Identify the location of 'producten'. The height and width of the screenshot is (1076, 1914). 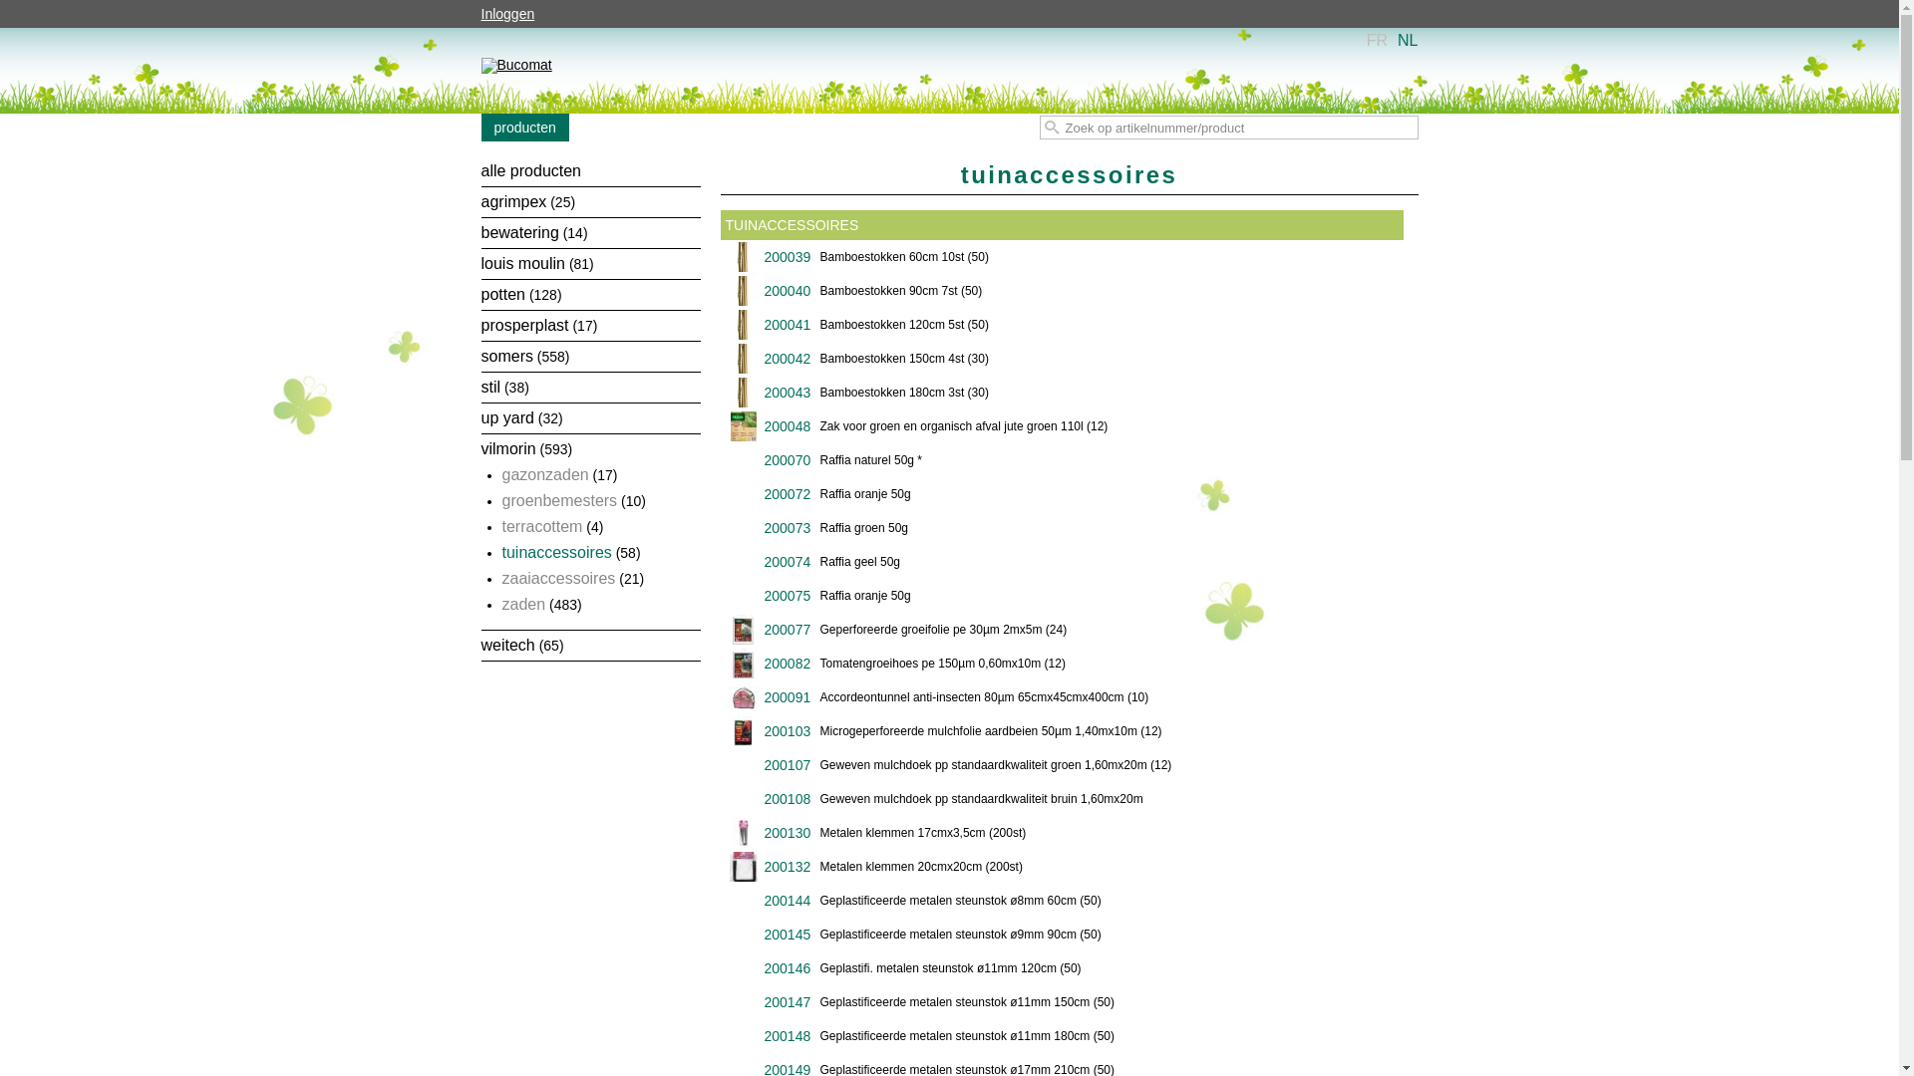
(524, 127).